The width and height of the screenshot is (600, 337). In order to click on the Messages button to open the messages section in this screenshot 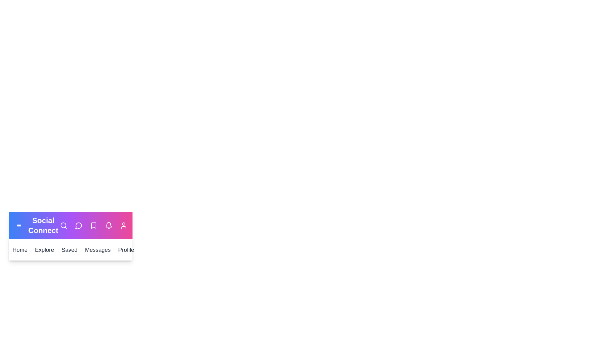, I will do `click(97, 250)`.